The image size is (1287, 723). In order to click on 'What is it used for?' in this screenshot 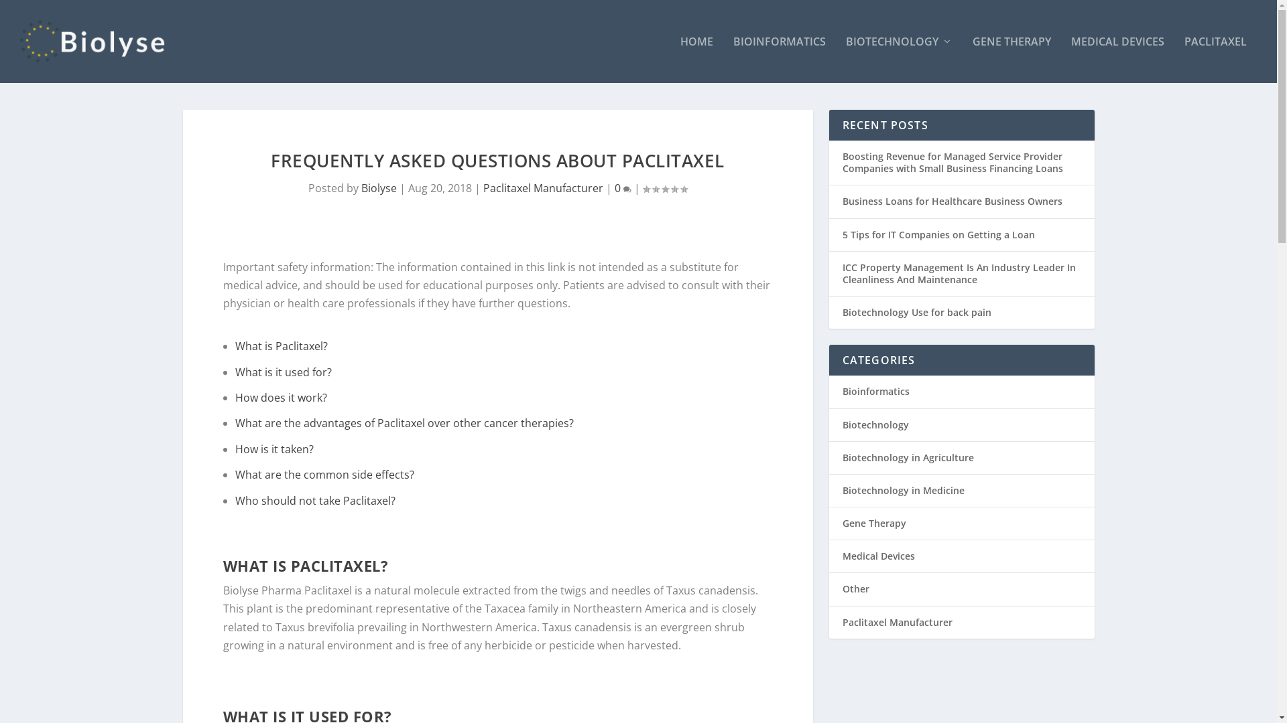, I will do `click(282, 372)`.